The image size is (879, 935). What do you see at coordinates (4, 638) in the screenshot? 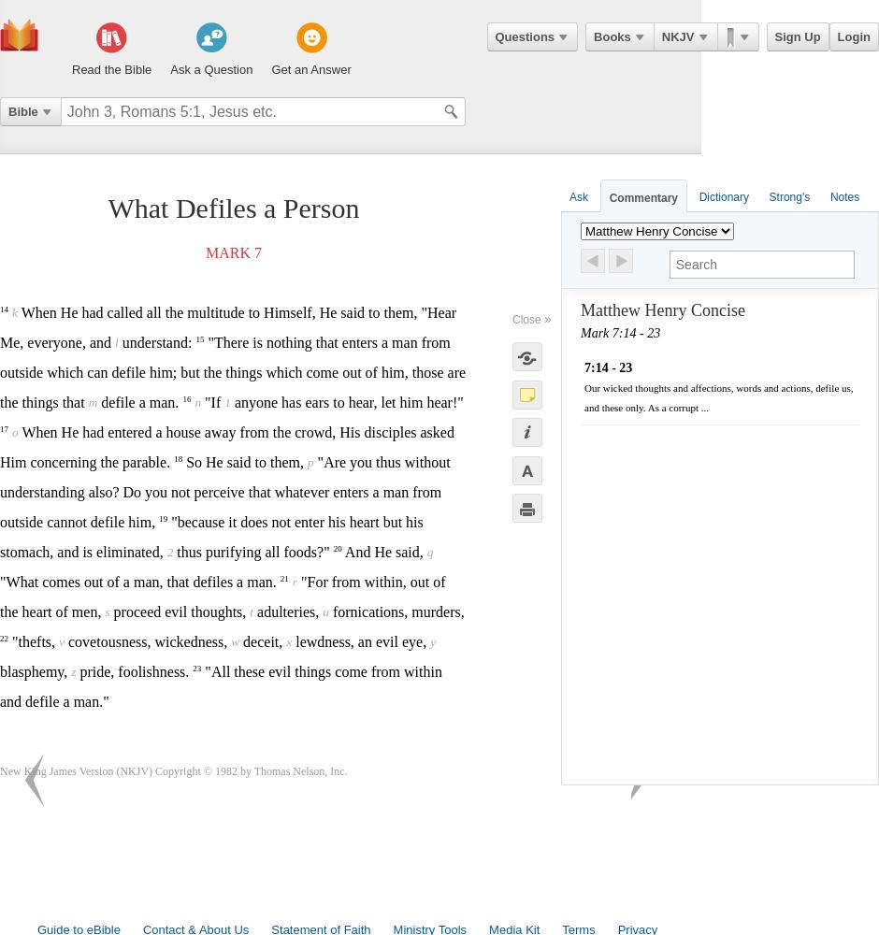
I see `'22'` at bounding box center [4, 638].